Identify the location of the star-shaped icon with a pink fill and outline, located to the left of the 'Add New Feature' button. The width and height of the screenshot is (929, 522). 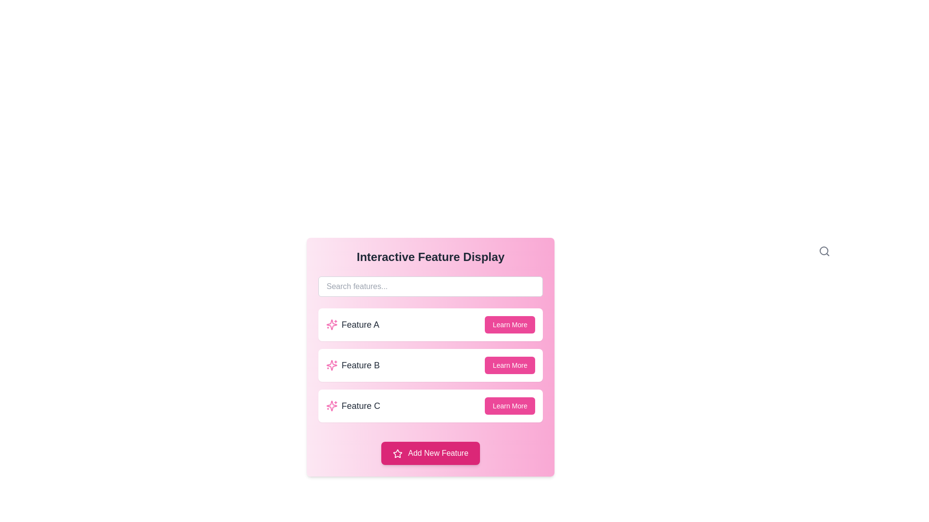
(397, 453).